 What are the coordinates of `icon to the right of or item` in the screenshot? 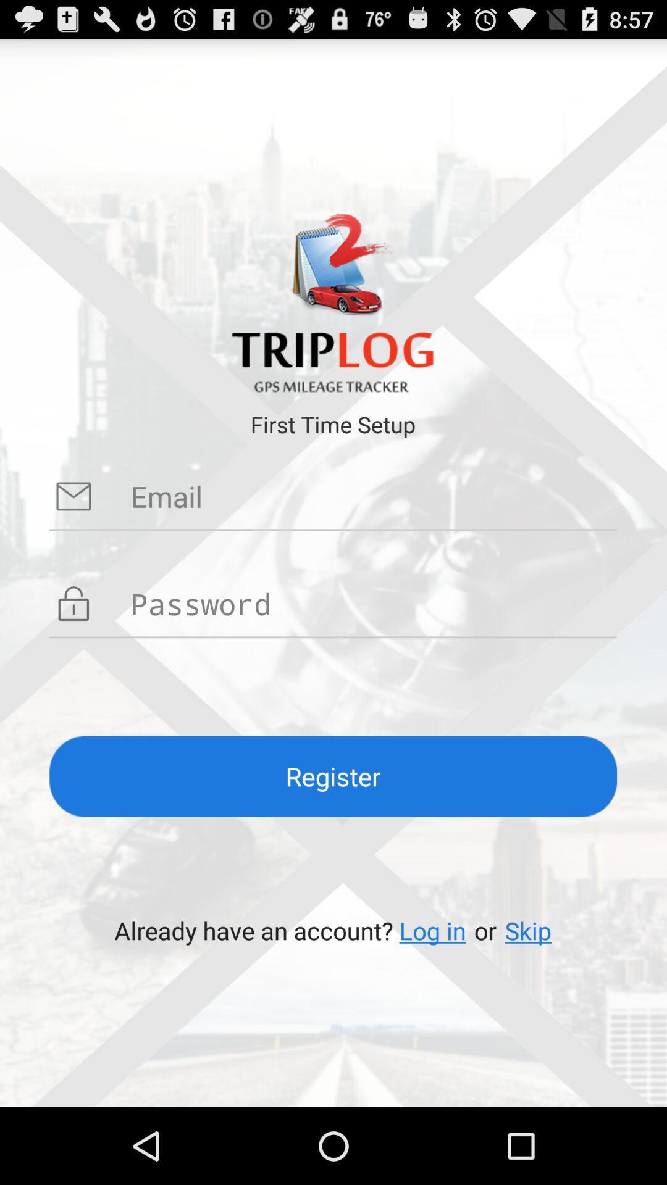 It's located at (528, 930).